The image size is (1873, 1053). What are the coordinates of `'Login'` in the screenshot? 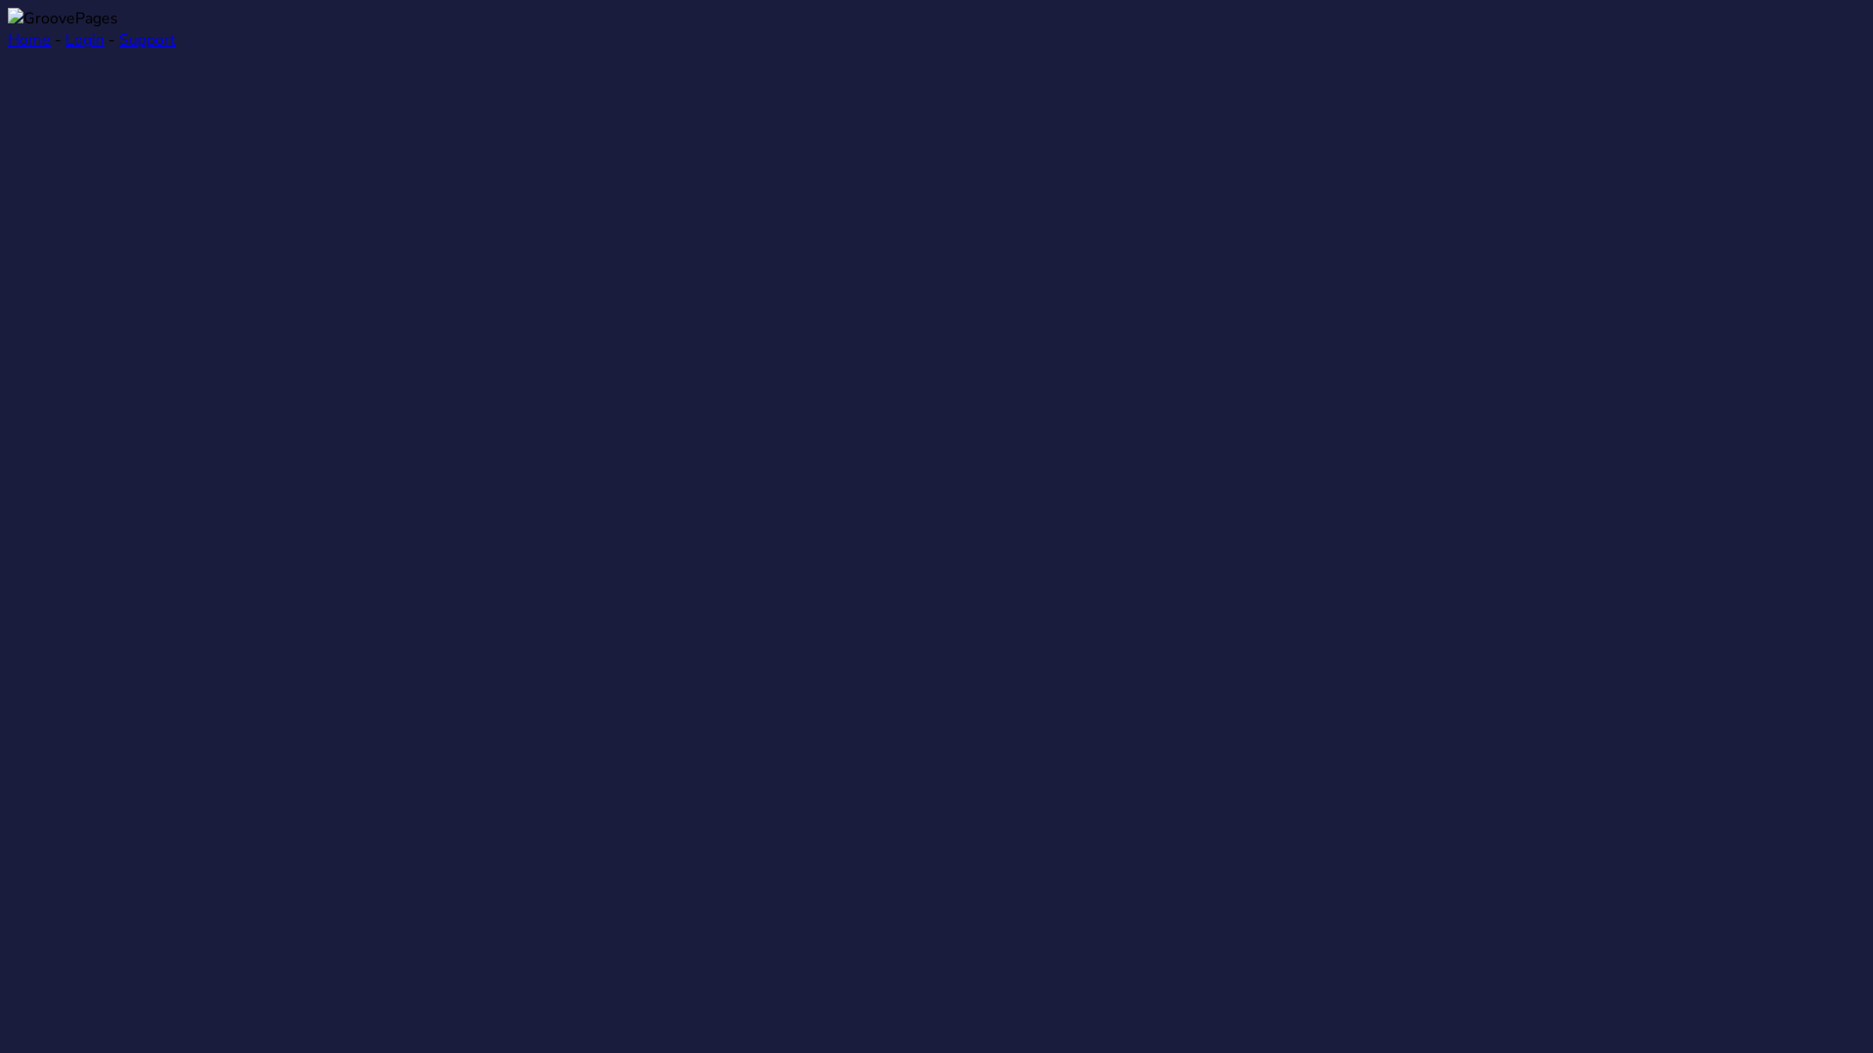 It's located at (65, 40).